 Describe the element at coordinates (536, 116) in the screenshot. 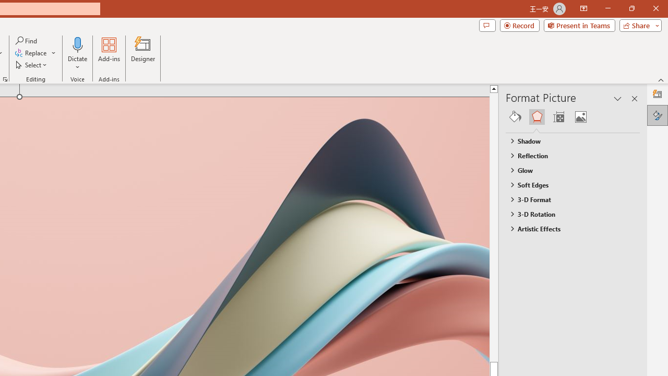

I see `'Effects'` at that location.